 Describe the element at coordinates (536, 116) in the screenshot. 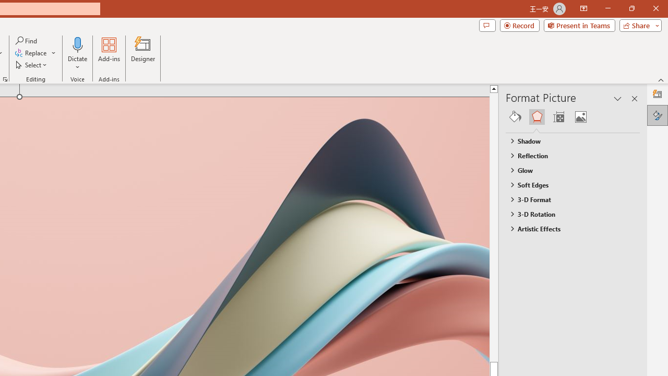

I see `'Effects'` at that location.